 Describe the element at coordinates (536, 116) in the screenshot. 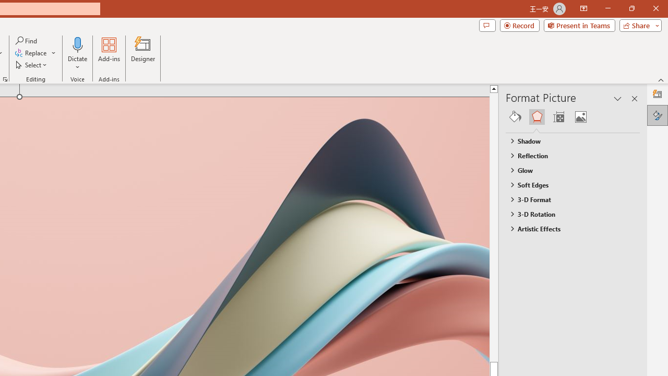

I see `'Effects'` at that location.